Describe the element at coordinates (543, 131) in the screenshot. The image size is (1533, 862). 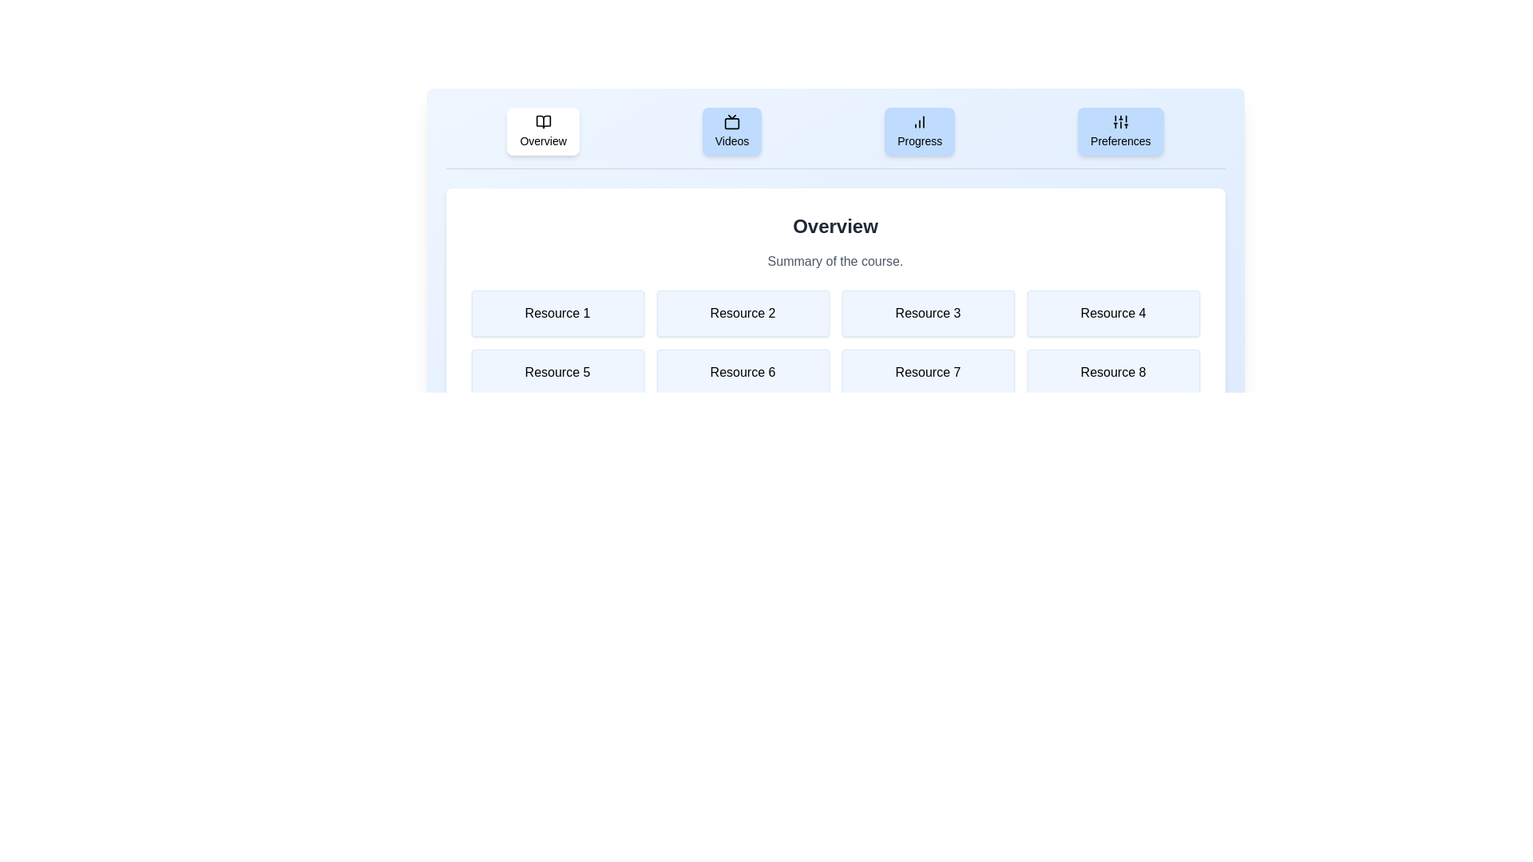
I see `the Overview tab to read its content` at that location.